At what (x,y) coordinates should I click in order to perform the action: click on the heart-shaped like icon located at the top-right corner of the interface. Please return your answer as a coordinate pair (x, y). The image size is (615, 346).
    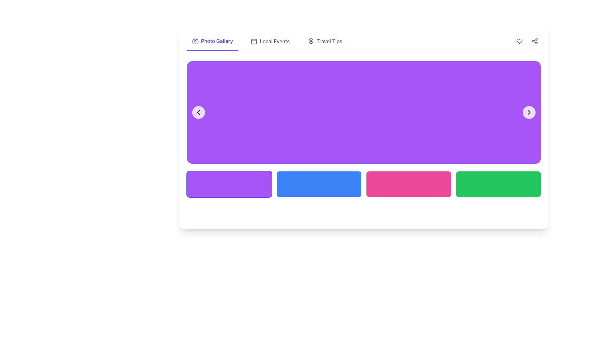
    Looking at the image, I should click on (519, 41).